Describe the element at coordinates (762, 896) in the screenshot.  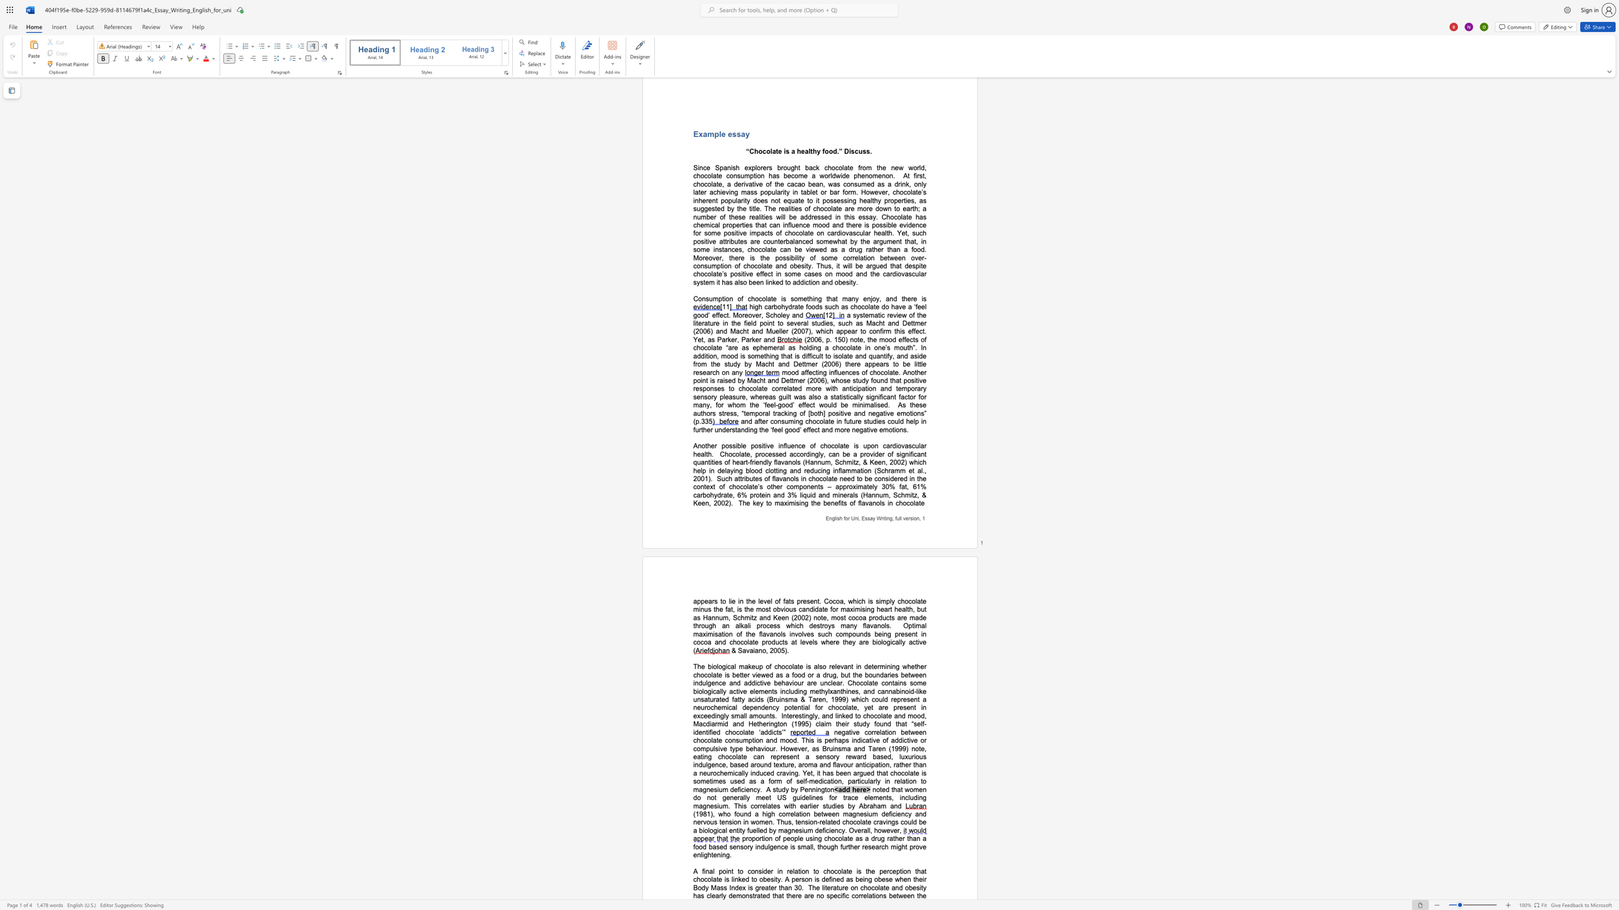
I see `the subset text "ed" within the text "demonstrated"` at that location.